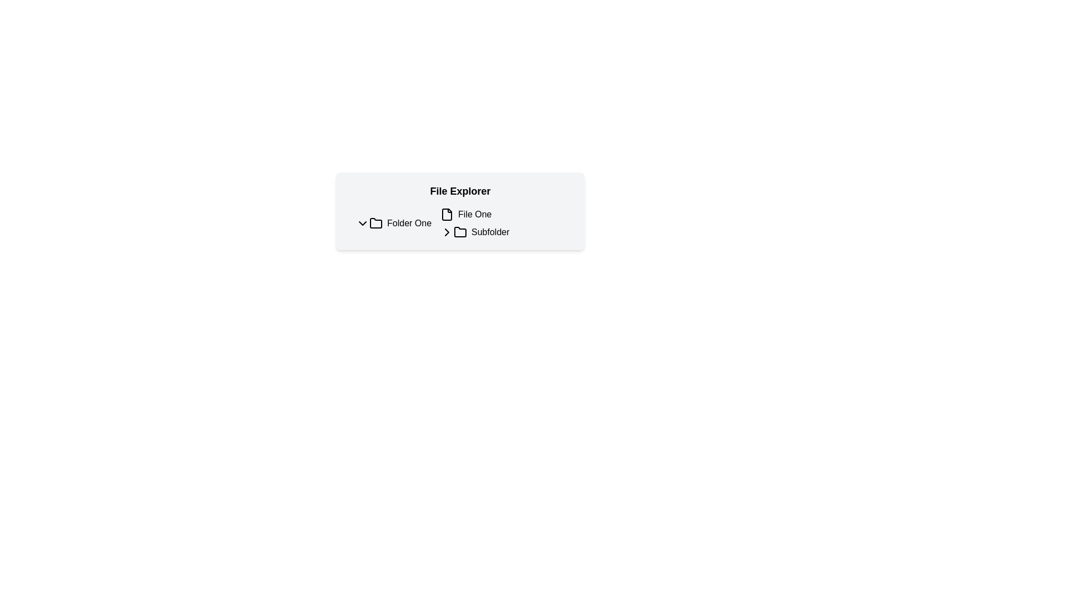  I want to click on the chevron icon of the 'Subfolder' folder item, so click(470, 232).